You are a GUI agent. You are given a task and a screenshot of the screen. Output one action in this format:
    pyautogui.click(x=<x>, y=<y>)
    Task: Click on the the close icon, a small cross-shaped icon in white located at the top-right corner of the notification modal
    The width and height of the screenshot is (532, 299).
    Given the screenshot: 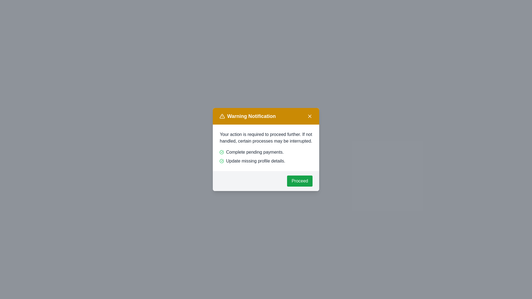 What is the action you would take?
    pyautogui.click(x=310, y=116)
    